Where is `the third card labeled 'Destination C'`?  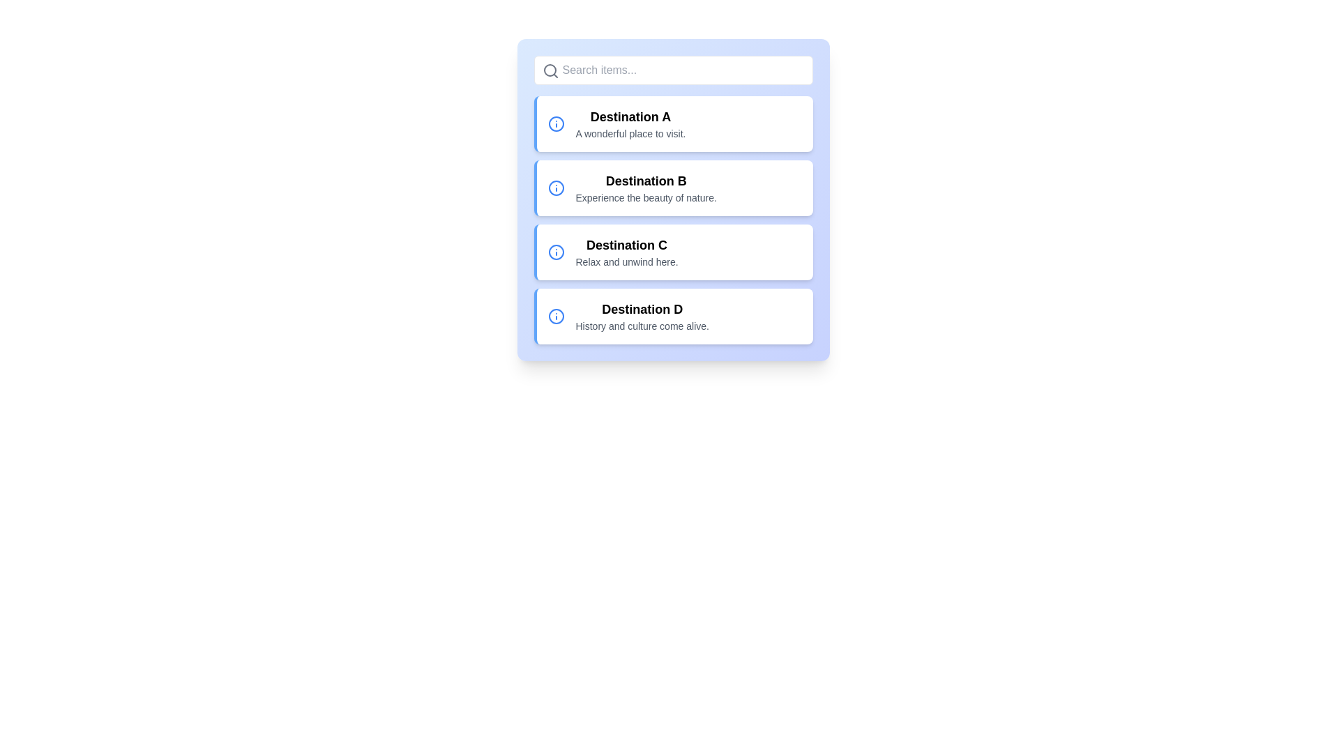 the third card labeled 'Destination C' is located at coordinates (673, 252).